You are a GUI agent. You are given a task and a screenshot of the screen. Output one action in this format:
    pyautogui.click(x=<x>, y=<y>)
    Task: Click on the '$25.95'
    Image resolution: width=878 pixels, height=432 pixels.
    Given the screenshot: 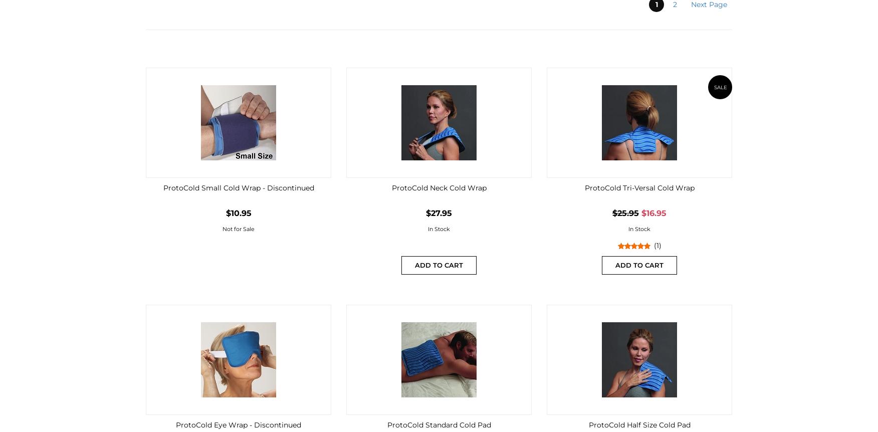 What is the action you would take?
    pyautogui.click(x=612, y=212)
    